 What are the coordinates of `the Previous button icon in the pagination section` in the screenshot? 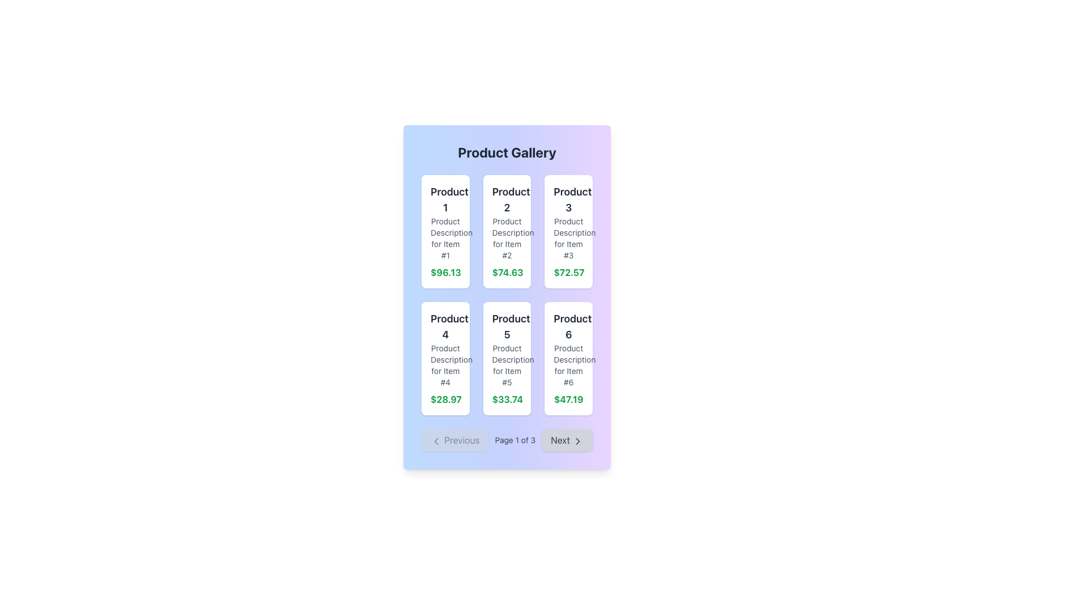 It's located at (435, 440).